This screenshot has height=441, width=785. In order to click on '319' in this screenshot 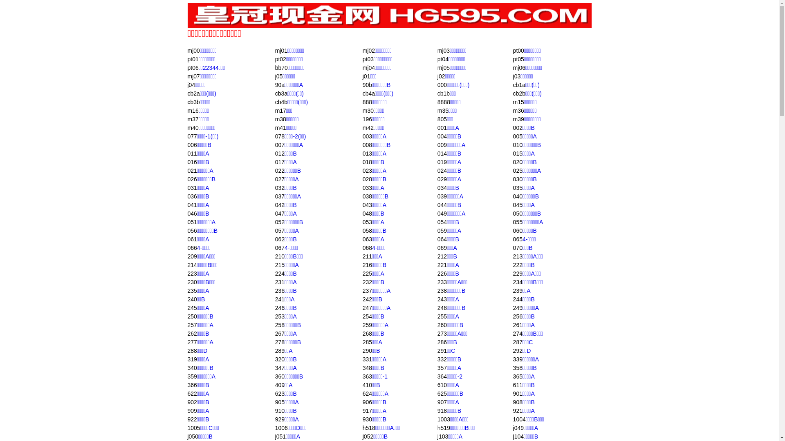, I will do `click(191, 359)`.